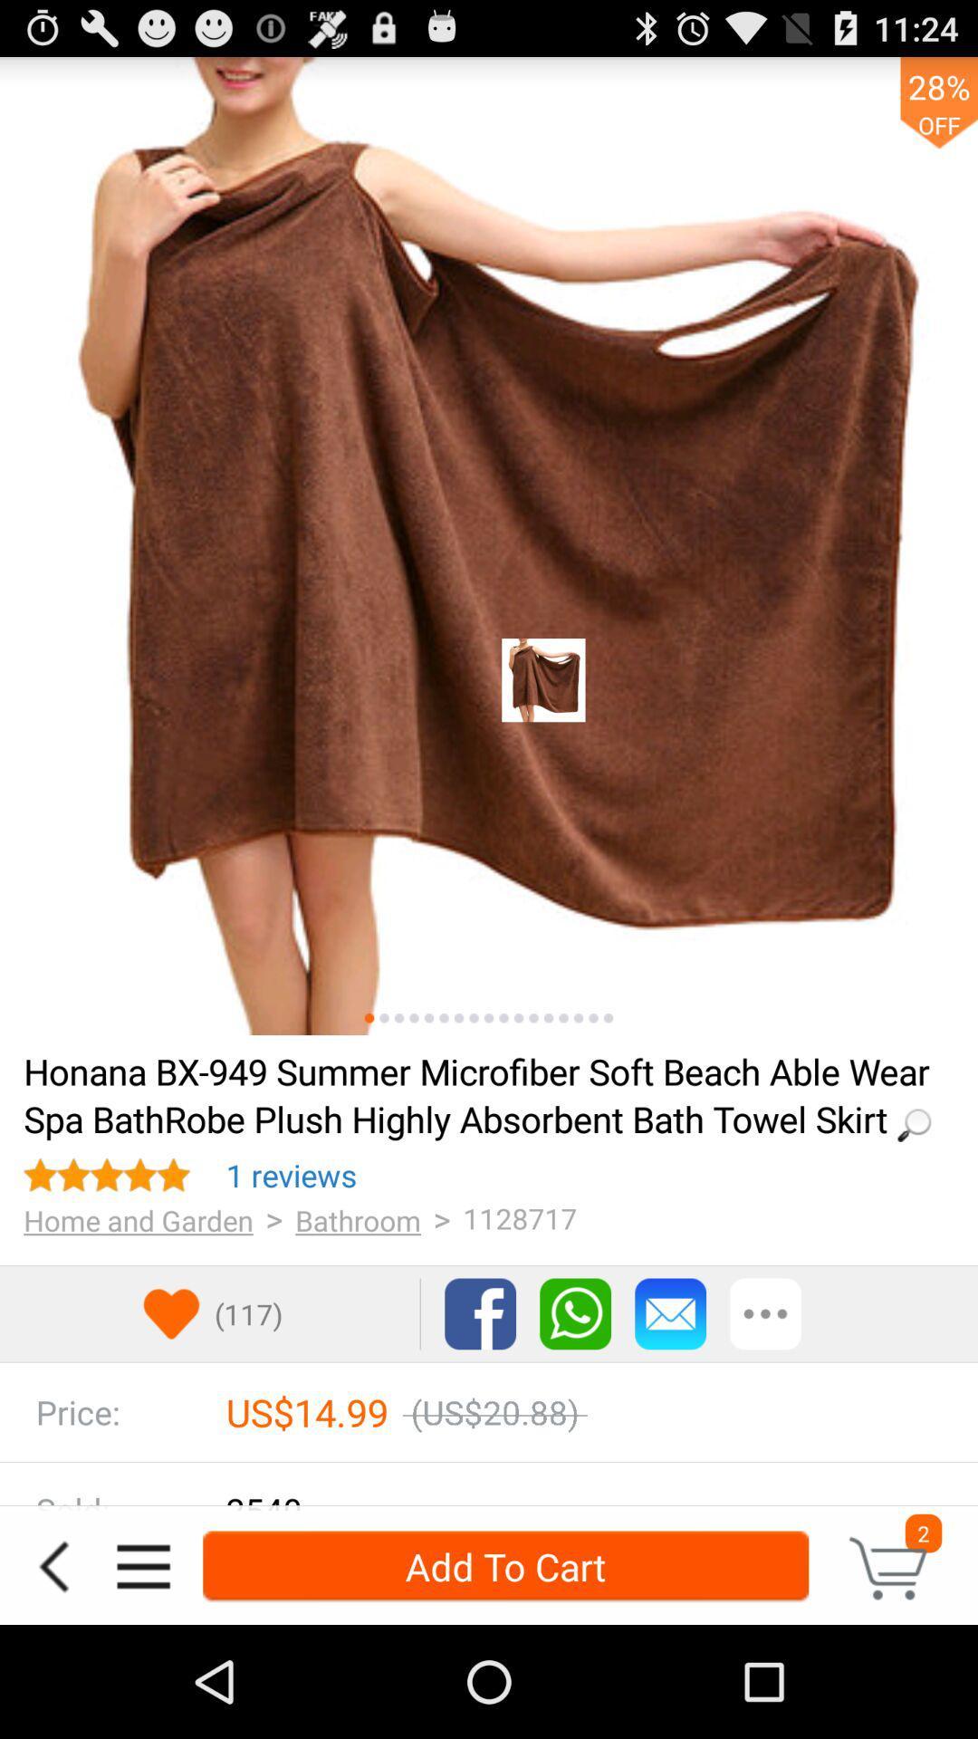  What do you see at coordinates (142, 1565) in the screenshot?
I see `the icon to the left of the add to cart` at bounding box center [142, 1565].